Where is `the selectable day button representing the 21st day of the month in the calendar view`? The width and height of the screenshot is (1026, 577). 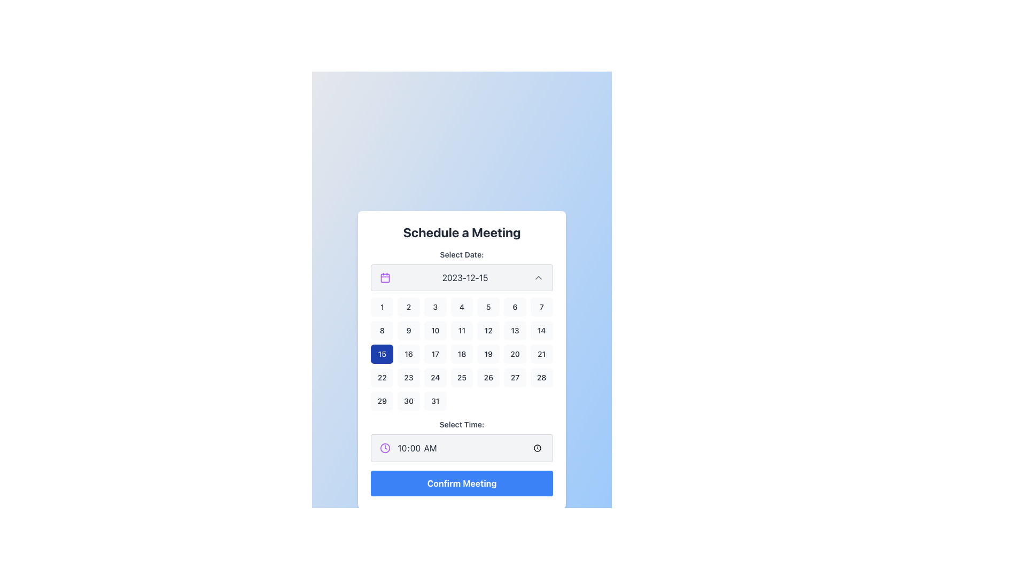 the selectable day button representing the 21st day of the month in the calendar view is located at coordinates (541, 354).